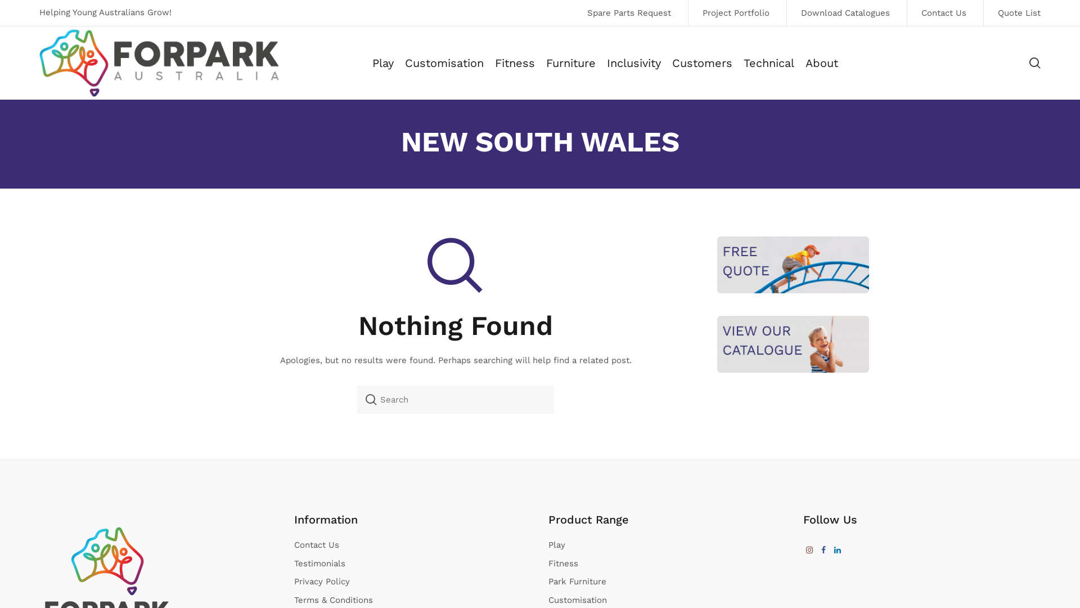  I want to click on 'Furniture', so click(546, 62).